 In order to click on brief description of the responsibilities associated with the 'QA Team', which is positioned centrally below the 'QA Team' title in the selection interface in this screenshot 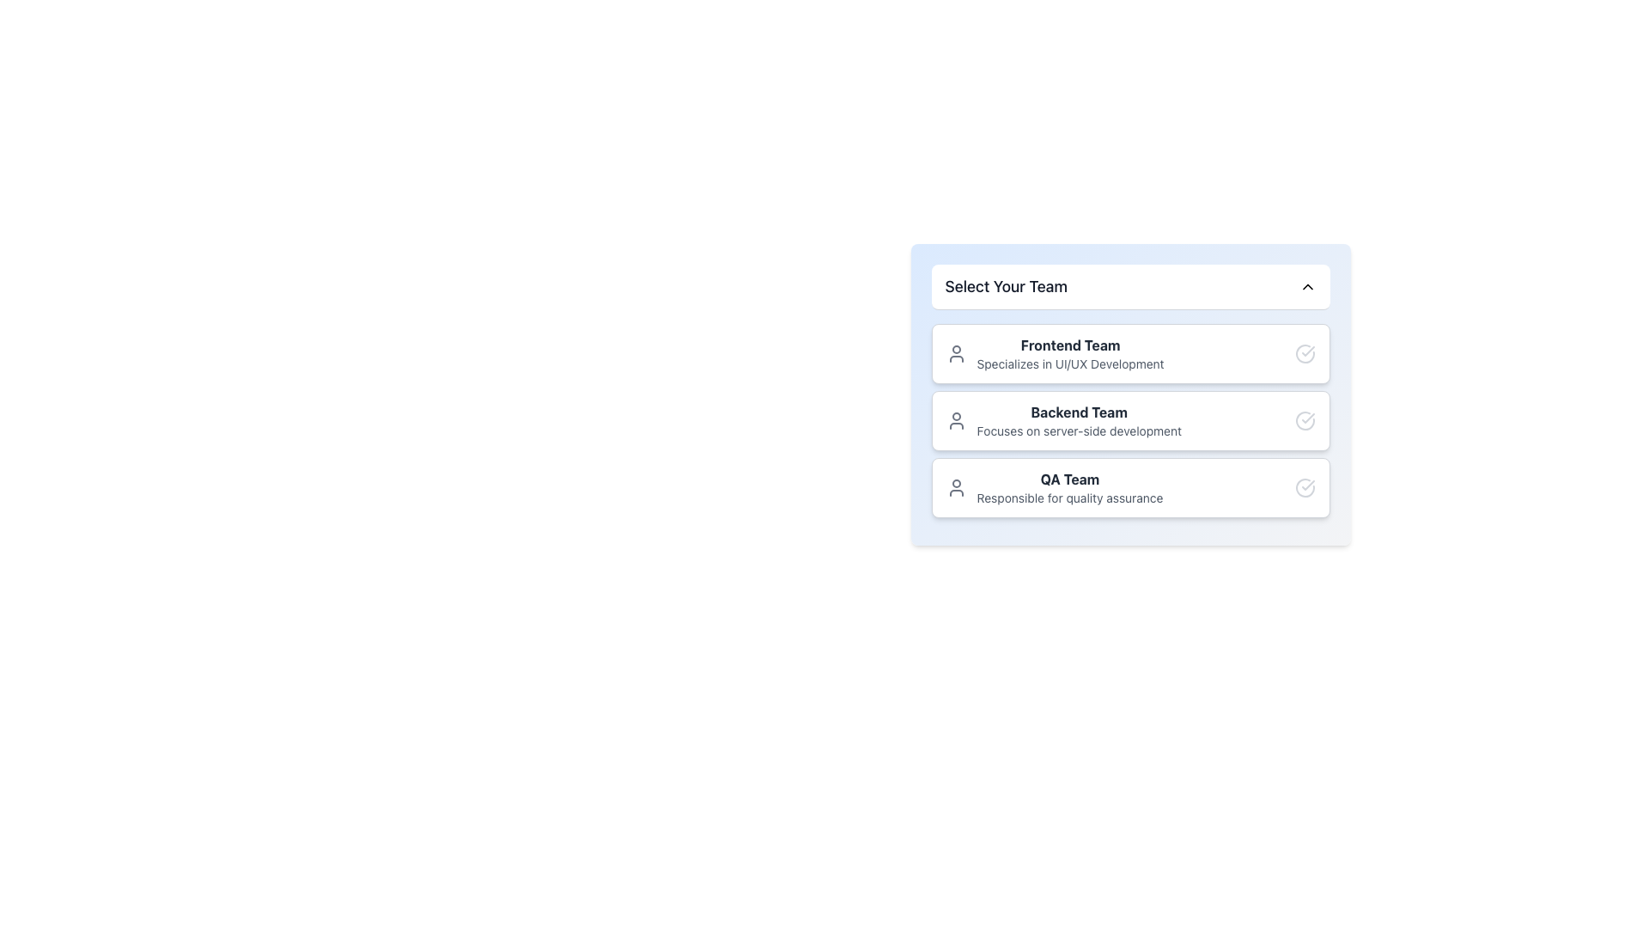, I will do `click(1069, 498)`.